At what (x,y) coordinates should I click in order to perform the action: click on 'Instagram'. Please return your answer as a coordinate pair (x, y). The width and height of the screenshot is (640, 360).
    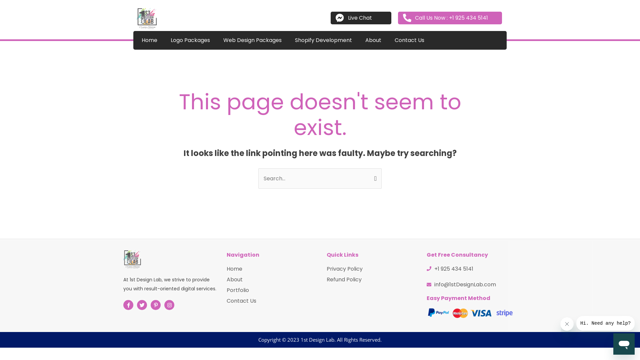
    Looking at the image, I should click on (169, 305).